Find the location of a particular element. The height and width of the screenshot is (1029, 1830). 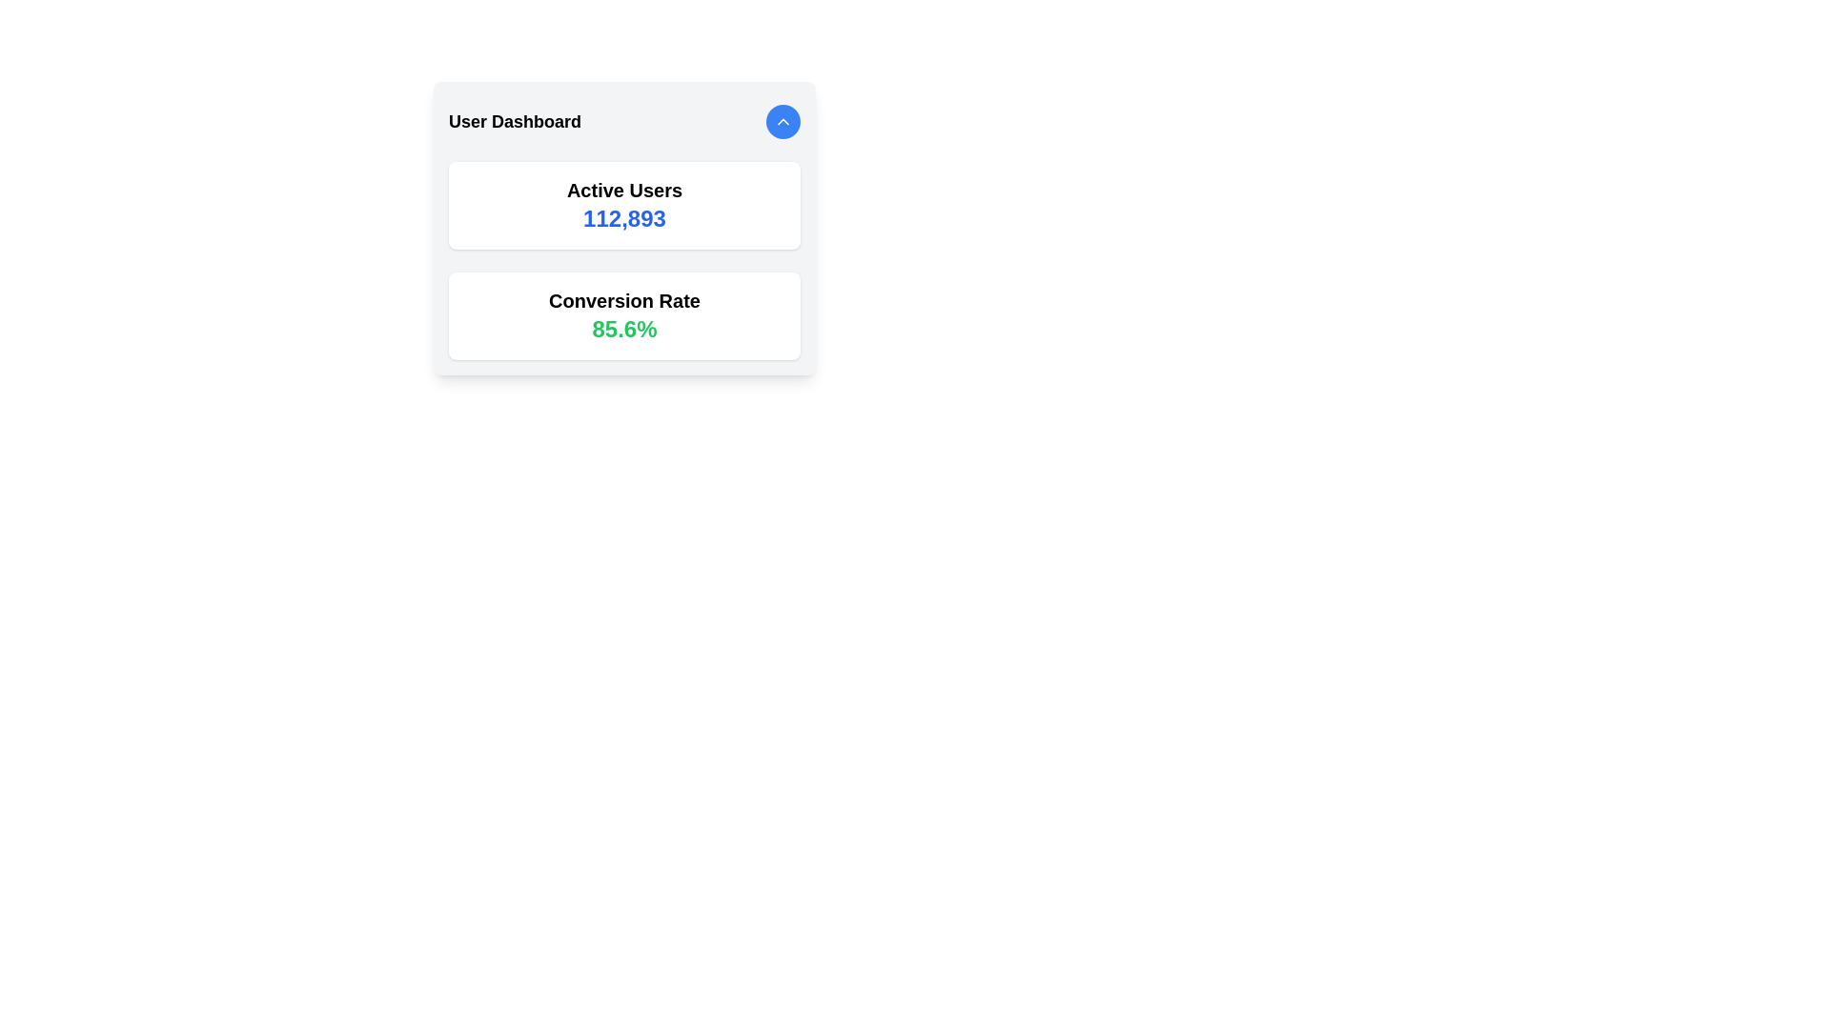

the static text label that describes the metric shown below it, which is positioned above the green text '85.6%' in the dashboard interface is located at coordinates (624, 300).